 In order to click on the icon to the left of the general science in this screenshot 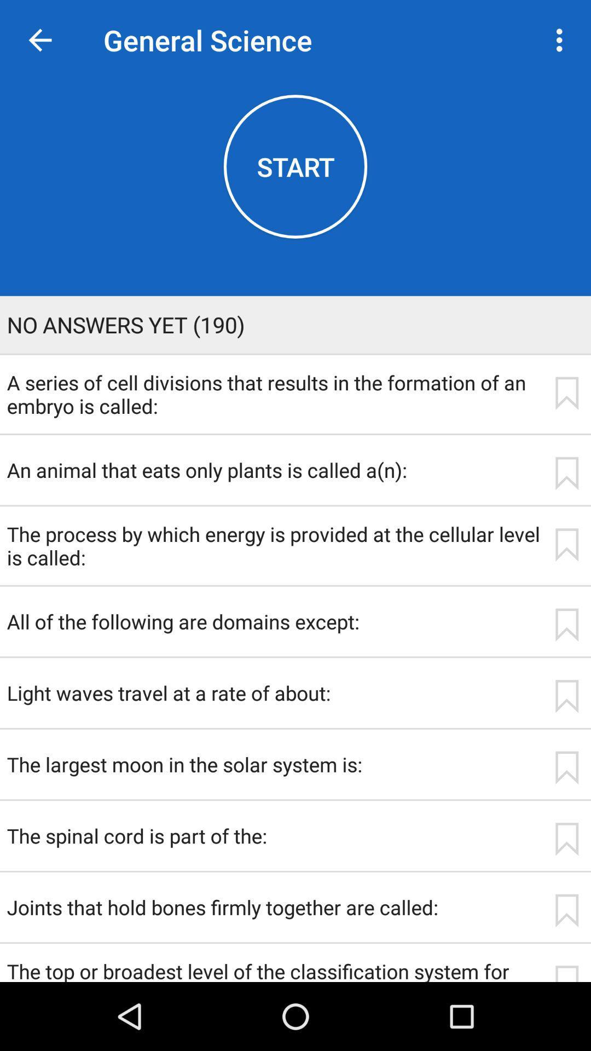, I will do `click(39, 40)`.